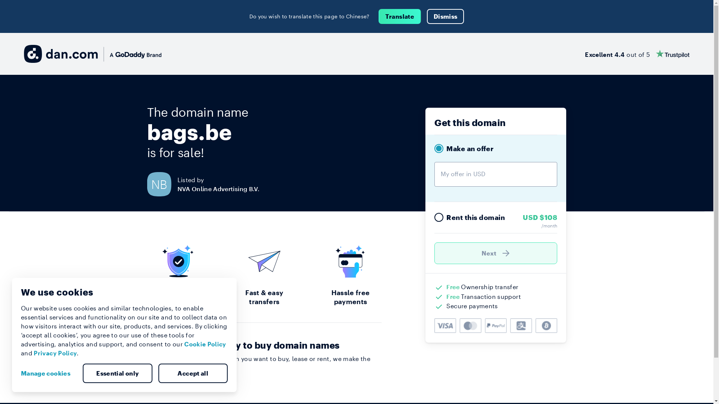  I want to click on 'Translate', so click(379, 16).